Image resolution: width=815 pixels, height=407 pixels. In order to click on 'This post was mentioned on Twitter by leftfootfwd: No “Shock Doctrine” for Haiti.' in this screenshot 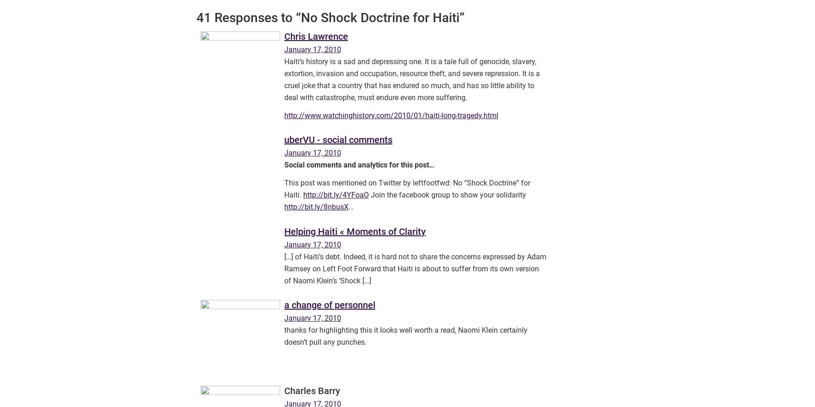, I will do `click(406, 189)`.